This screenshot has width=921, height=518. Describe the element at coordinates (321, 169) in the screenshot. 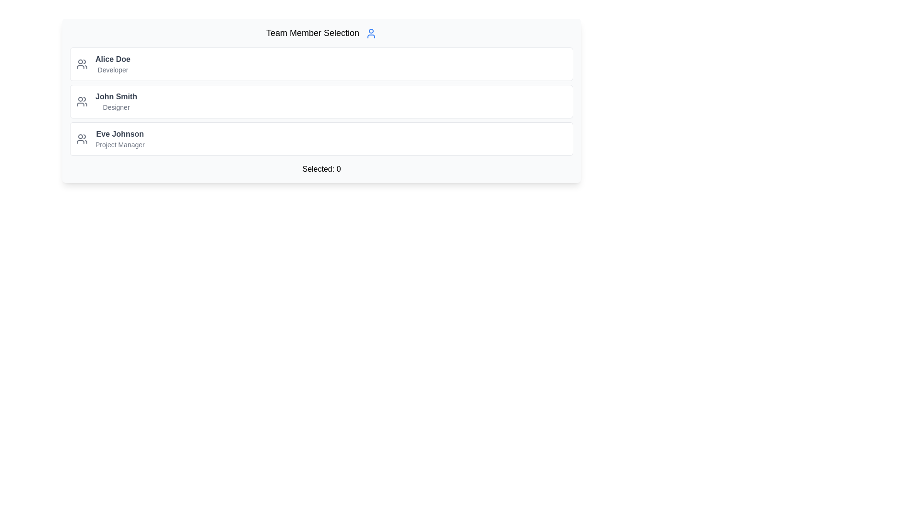

I see `the text label displaying the count of selected items located at the bottom of the 'Team Member Selection' card, which currently shows '0'` at that location.